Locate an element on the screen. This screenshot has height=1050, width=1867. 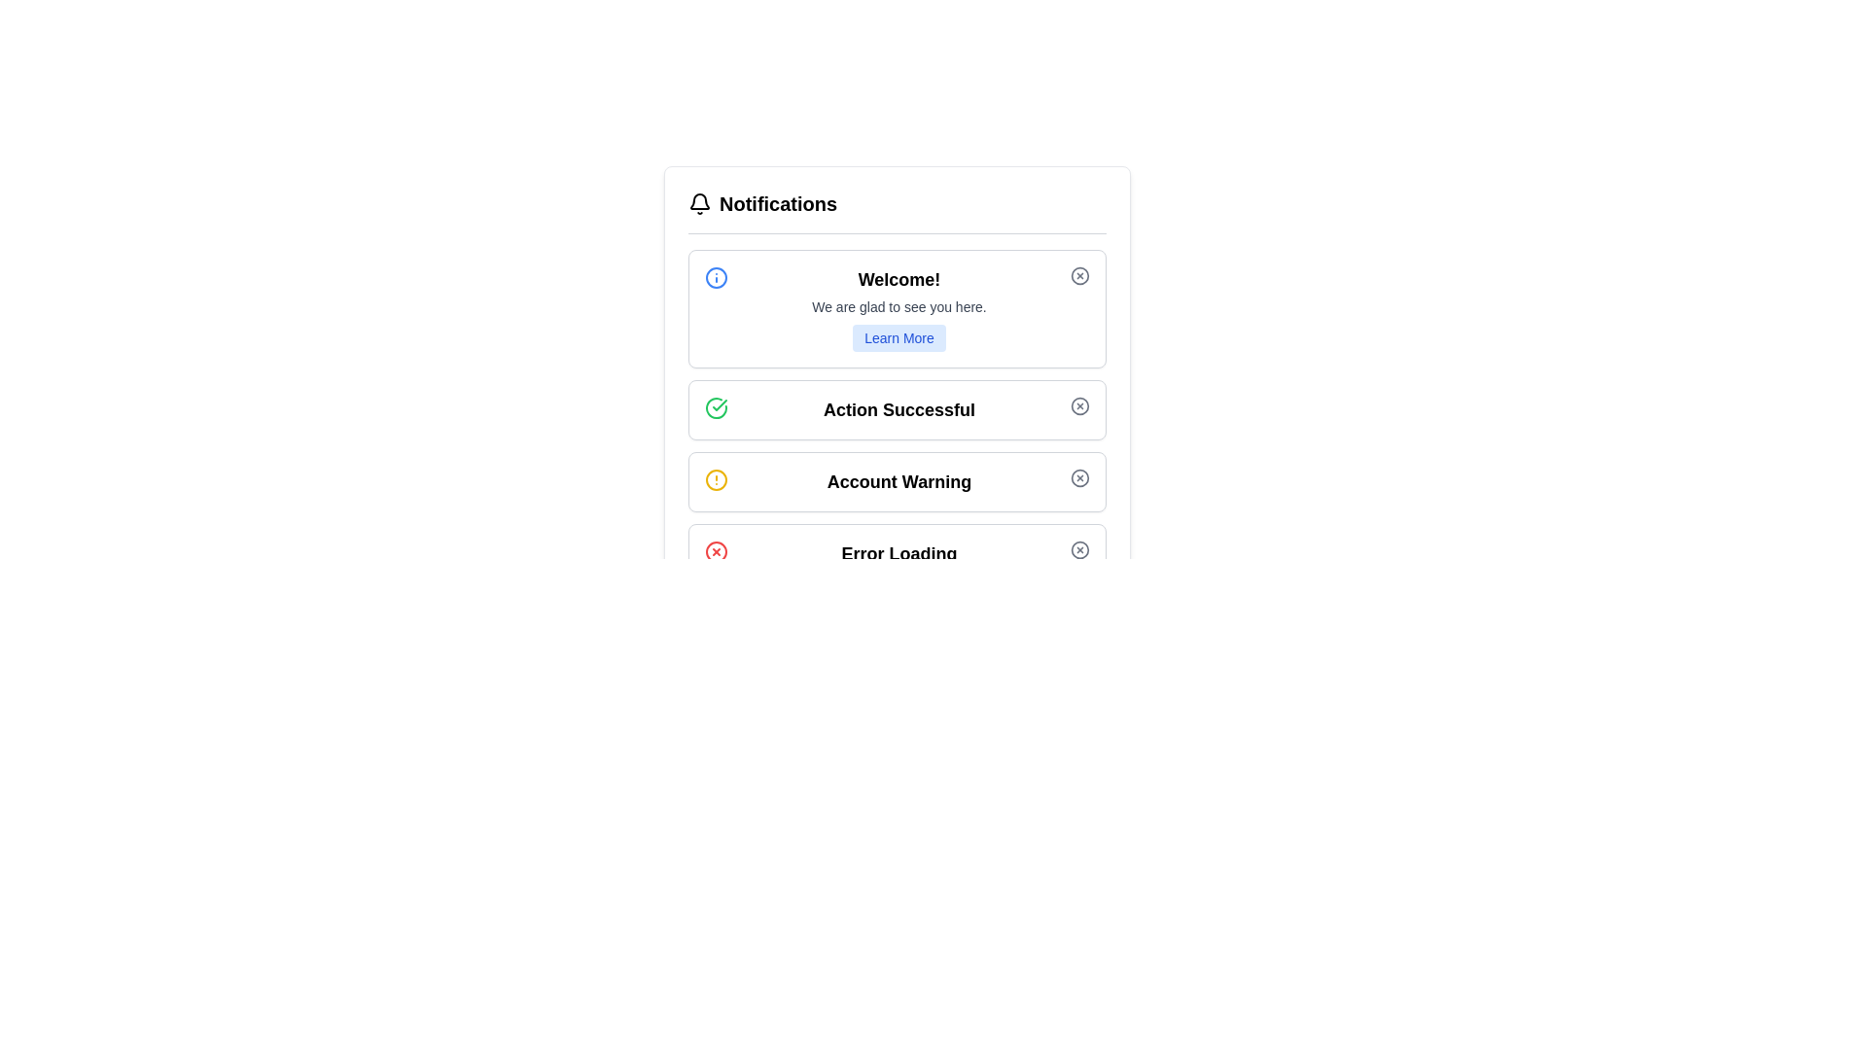
the checkmark icon inside the green circle located in the notification labeled 'Action Successful' is located at coordinates (716, 407).